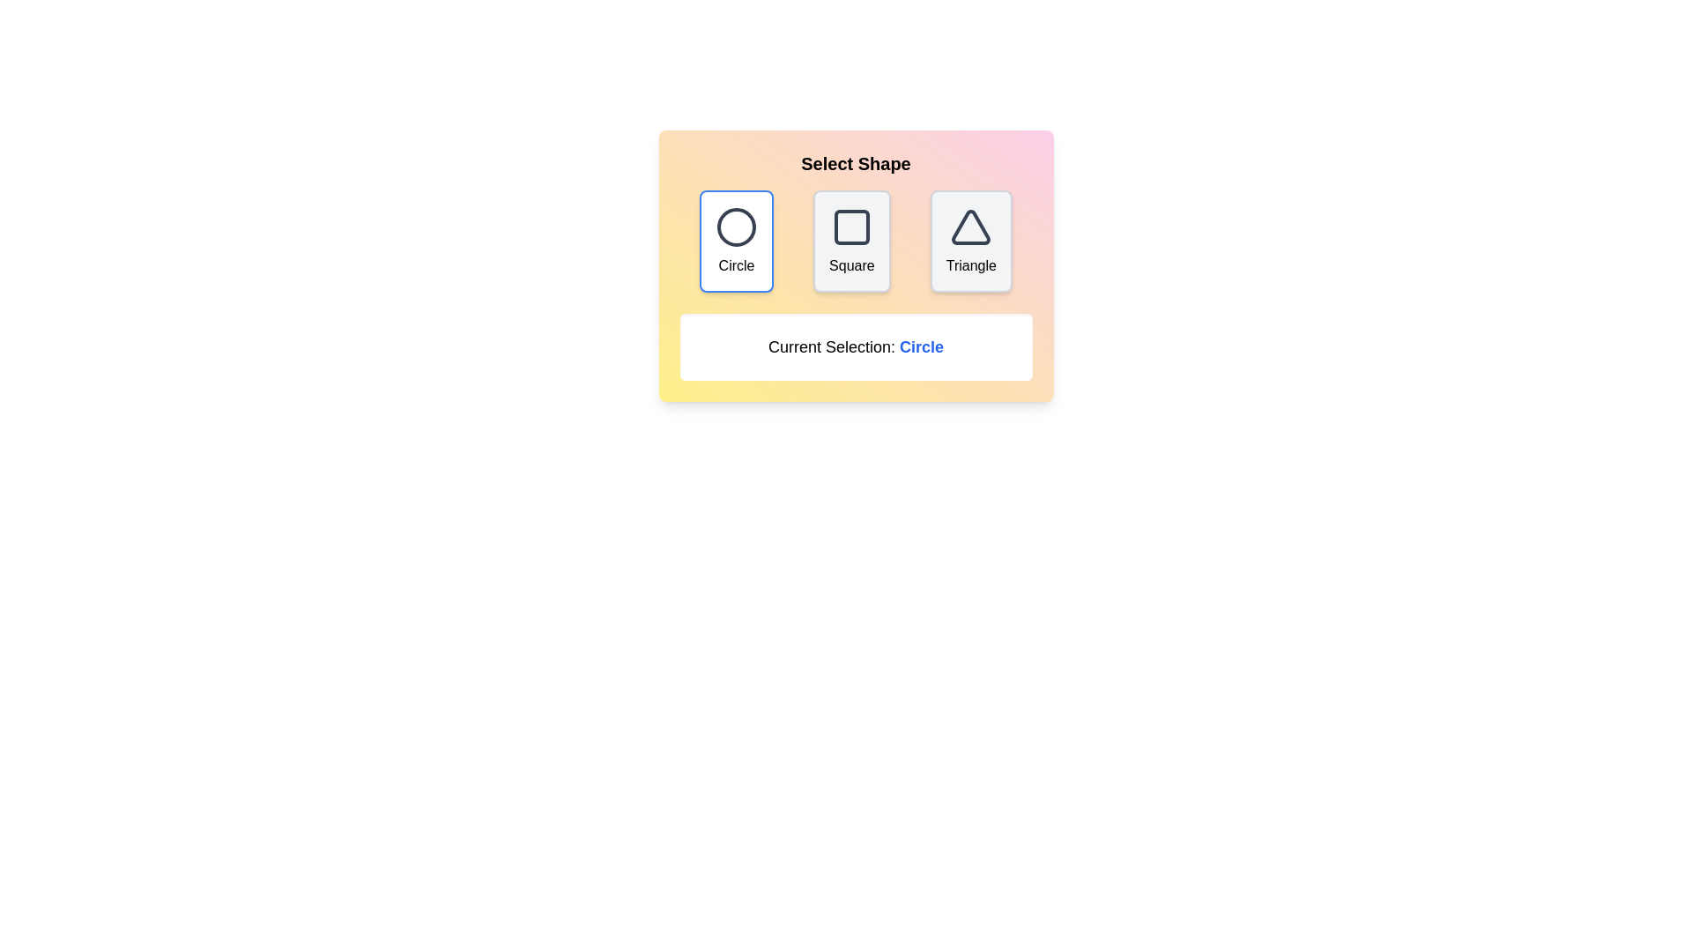 The image size is (1692, 952). I want to click on the Triangle button to observe hover effects, so click(970, 241).